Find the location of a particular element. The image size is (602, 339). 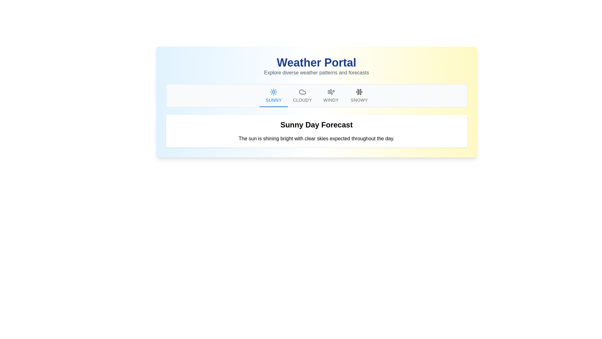

the title text of the weather forecast section, which indicates a sunny day scenario, positioned centrally above the descriptive text is located at coordinates (316, 125).